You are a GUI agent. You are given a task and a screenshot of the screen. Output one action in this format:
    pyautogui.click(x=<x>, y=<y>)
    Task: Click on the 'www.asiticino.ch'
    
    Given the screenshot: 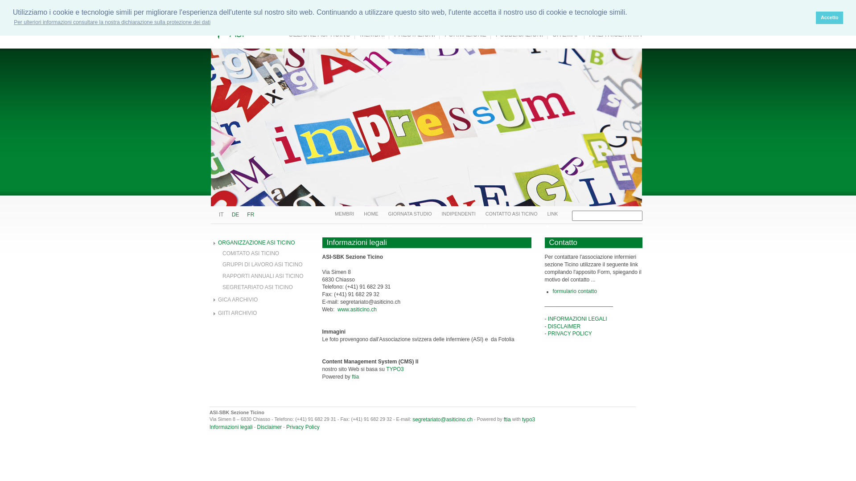 What is the action you would take?
    pyautogui.click(x=357, y=309)
    